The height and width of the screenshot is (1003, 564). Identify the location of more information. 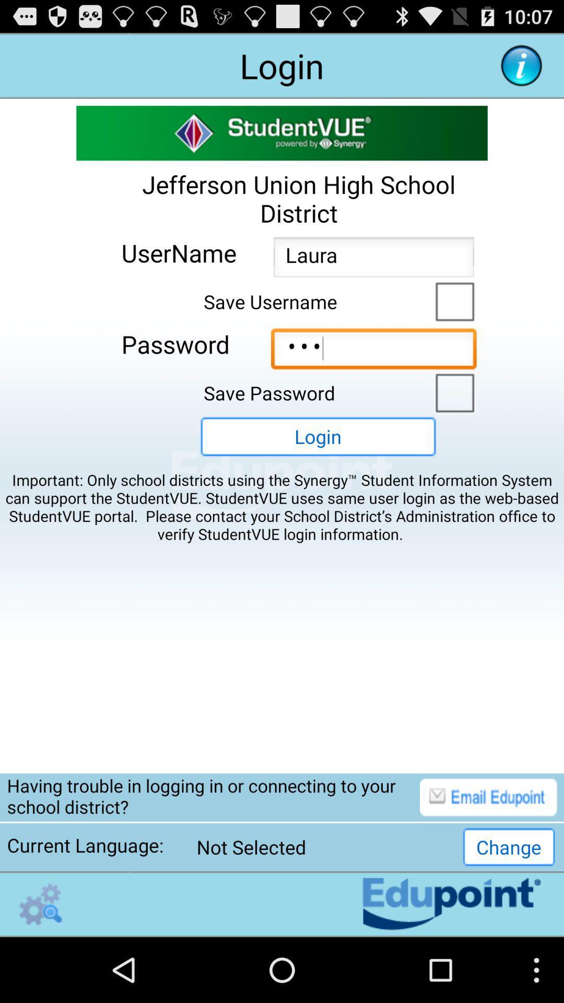
(521, 65).